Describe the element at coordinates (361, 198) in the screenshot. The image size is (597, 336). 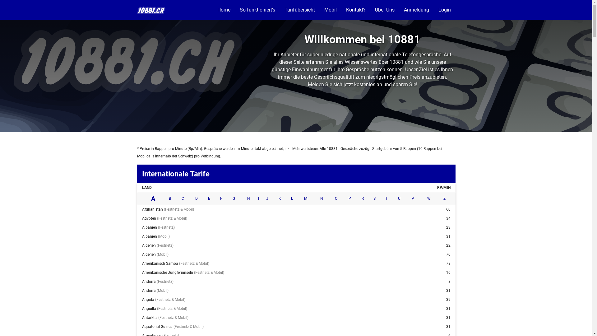
I see `'R'` at that location.